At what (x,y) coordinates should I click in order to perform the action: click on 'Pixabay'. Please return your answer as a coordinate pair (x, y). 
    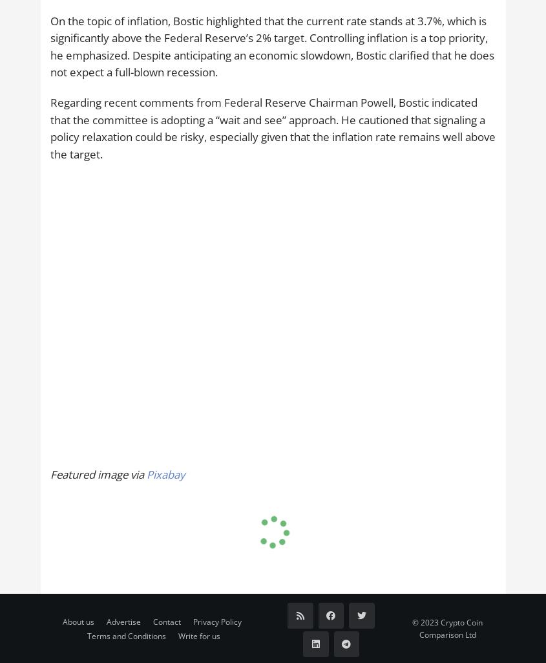
    Looking at the image, I should click on (165, 473).